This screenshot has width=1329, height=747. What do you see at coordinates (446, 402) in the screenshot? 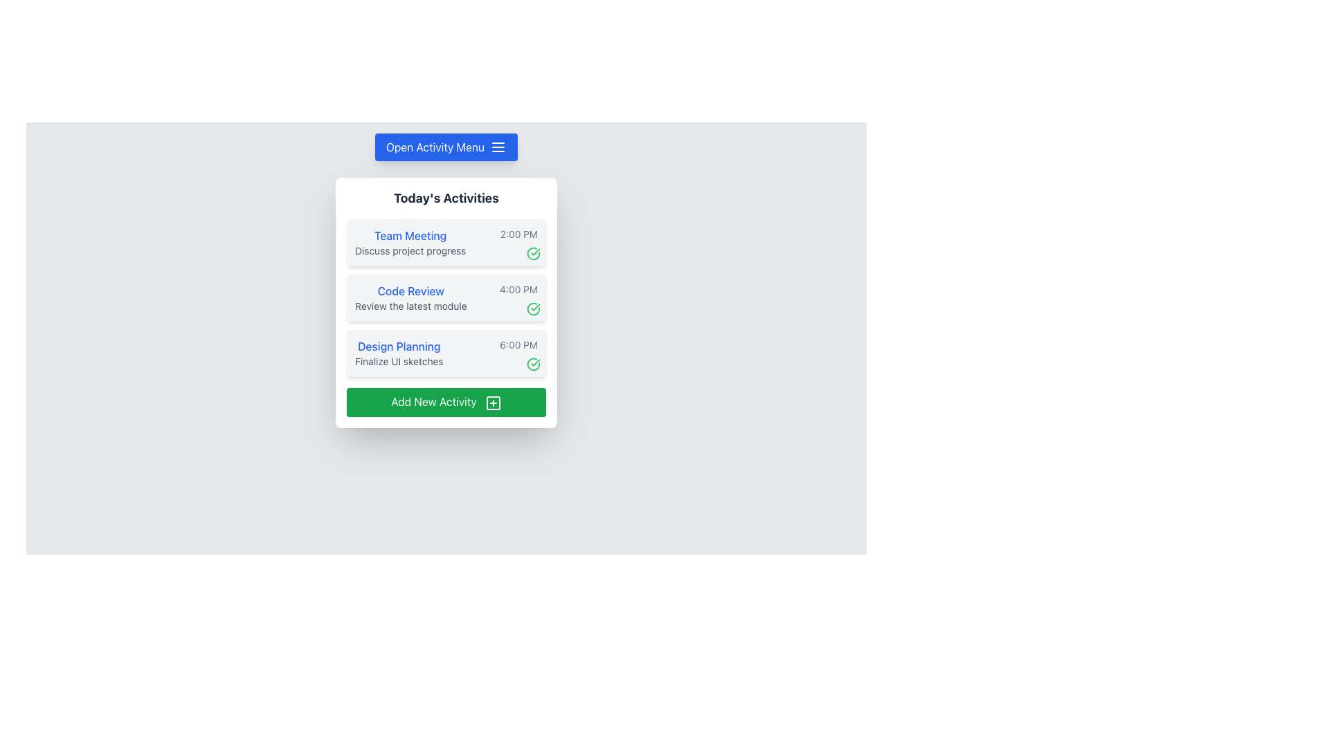
I see `the 'Add New Activity' button, which has a green background and a '+' icon` at bounding box center [446, 402].